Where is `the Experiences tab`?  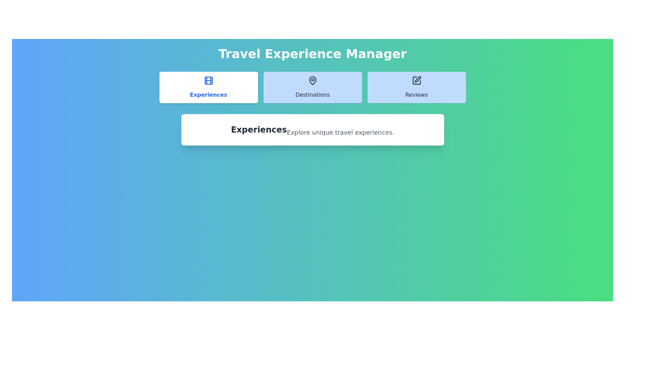 the Experiences tab is located at coordinates (208, 87).